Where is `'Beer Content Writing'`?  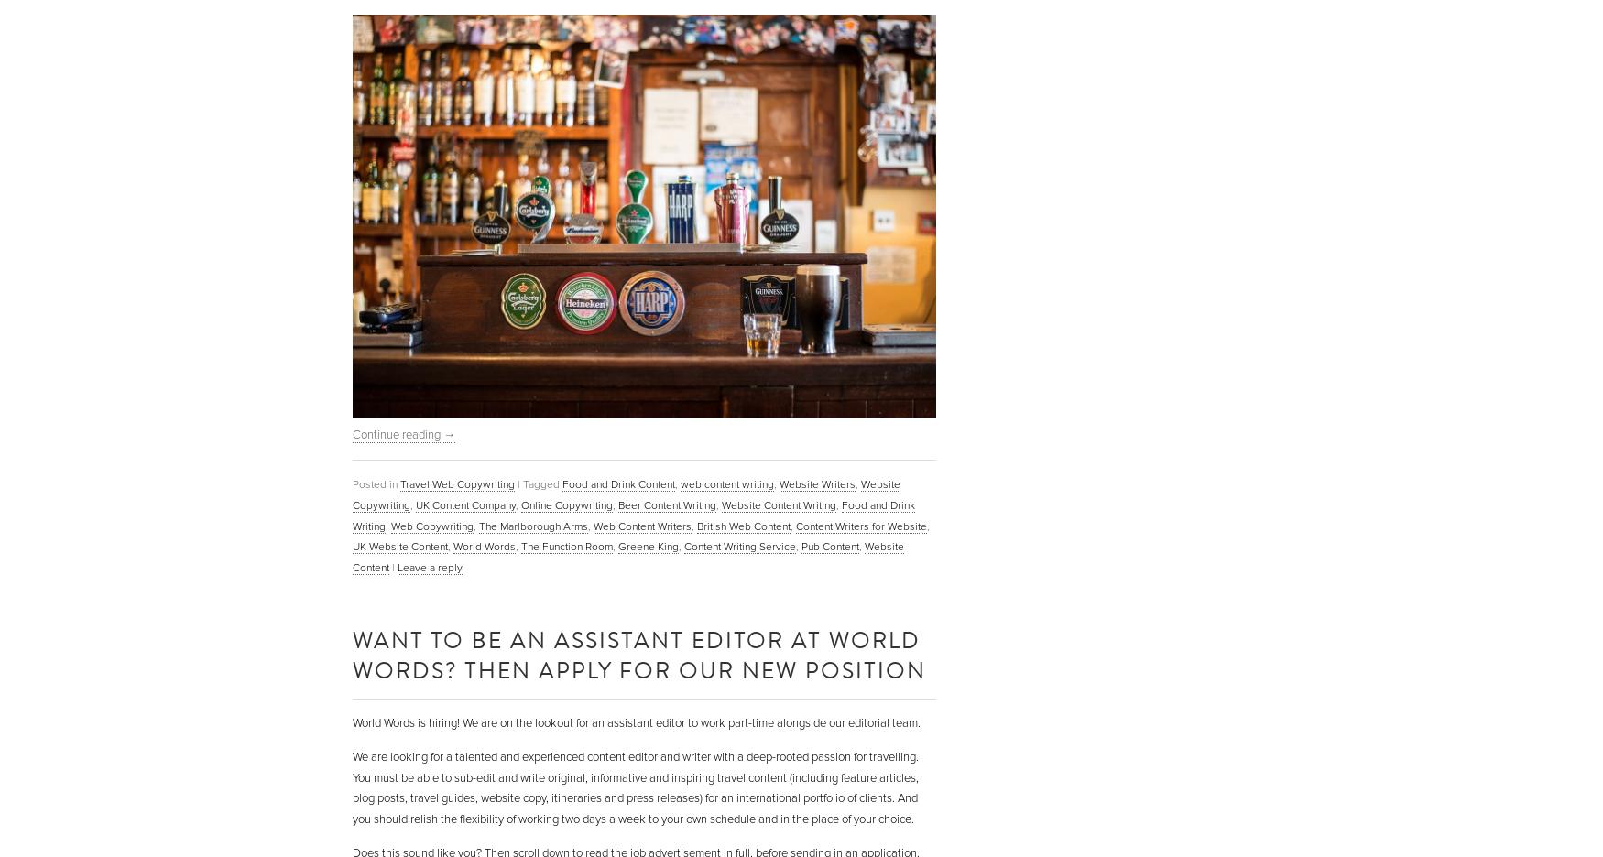 'Beer Content Writing' is located at coordinates (667, 504).